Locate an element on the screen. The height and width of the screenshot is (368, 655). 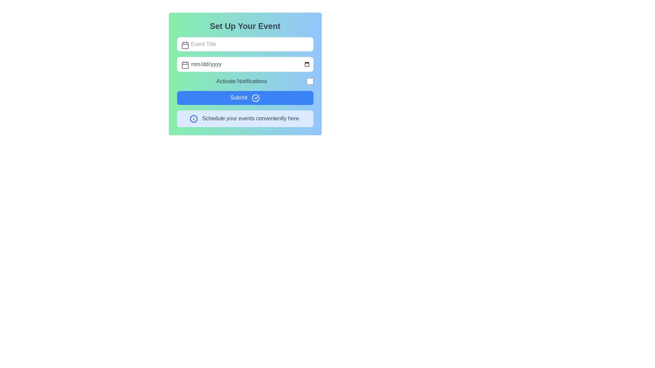
the informational text box with a light blue background and an 'i' icon, which contains the text 'Schedule your events conveniently here.' is located at coordinates (245, 118).